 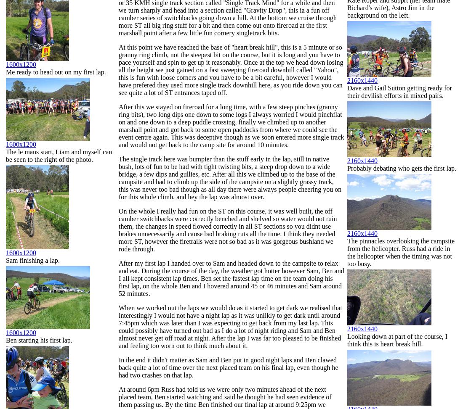 What do you see at coordinates (230, 326) in the screenshot?
I see `'When we worked out the laps we would do as it started to get dark we realised
that interestingly I would not have a night lap as it was unlikly to get dark
until around 7:45pm which was later than I was expecting to get back from my
last lap. This could possibly have turned out bad as I do a lot of night
riding and Sam and Ben almost never get off road at night. After the lap I was
far too pleased to be finished and feeling too worn out to think much about
it.'` at bounding box center [230, 326].